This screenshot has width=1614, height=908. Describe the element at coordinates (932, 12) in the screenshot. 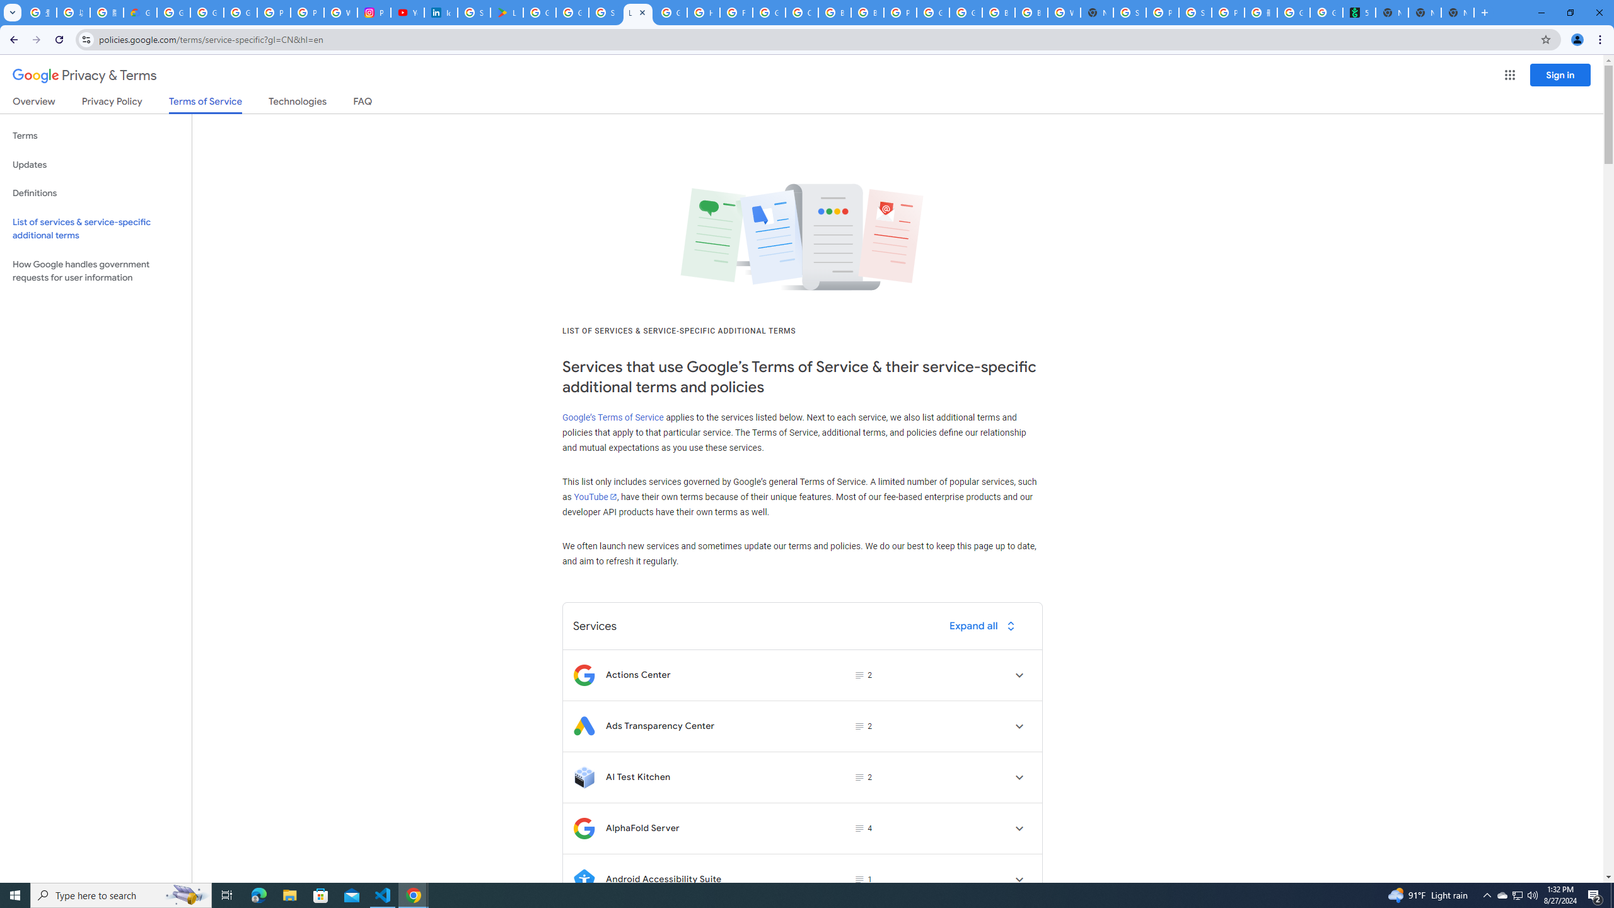

I see `'Google Cloud Platform'` at that location.